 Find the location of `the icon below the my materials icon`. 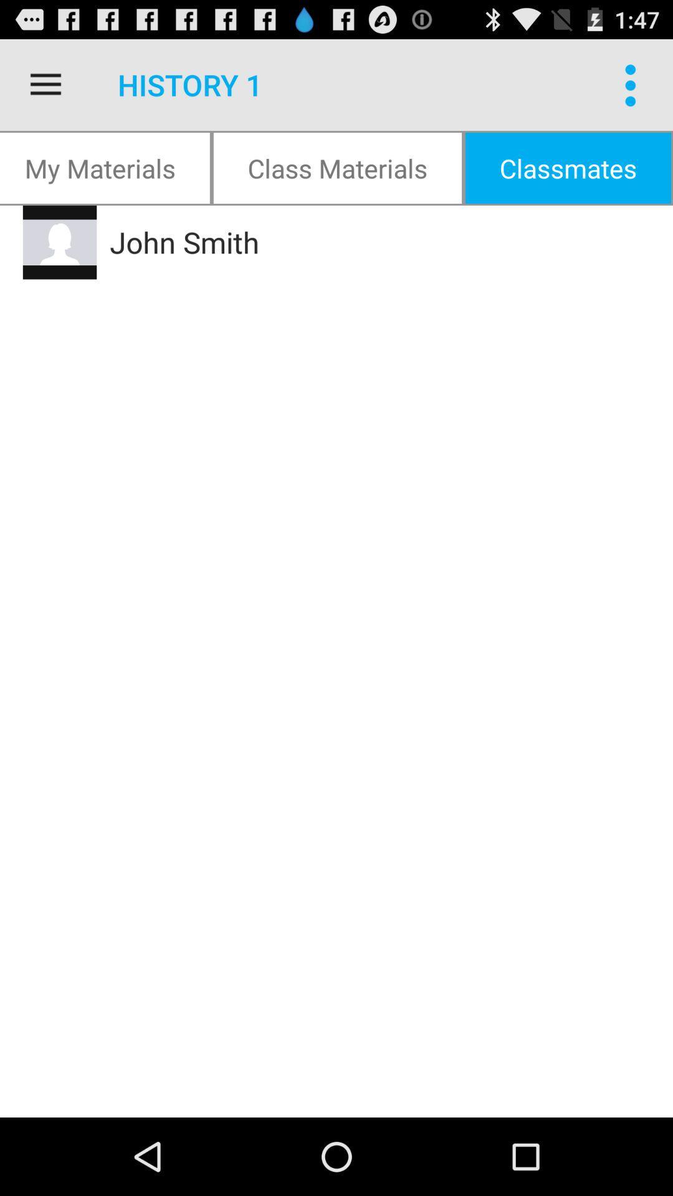

the icon below the my materials icon is located at coordinates (351, 242).